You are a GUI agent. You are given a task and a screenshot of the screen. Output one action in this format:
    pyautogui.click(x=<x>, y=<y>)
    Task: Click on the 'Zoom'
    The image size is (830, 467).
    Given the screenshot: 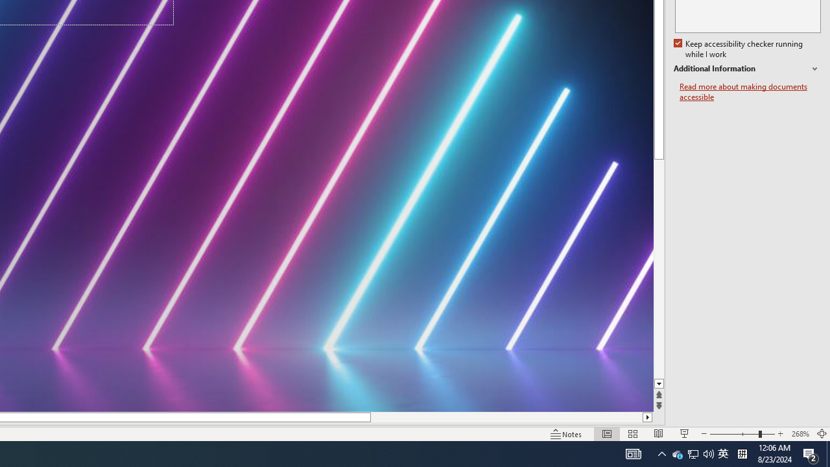 What is the action you would take?
    pyautogui.click(x=742, y=434)
    